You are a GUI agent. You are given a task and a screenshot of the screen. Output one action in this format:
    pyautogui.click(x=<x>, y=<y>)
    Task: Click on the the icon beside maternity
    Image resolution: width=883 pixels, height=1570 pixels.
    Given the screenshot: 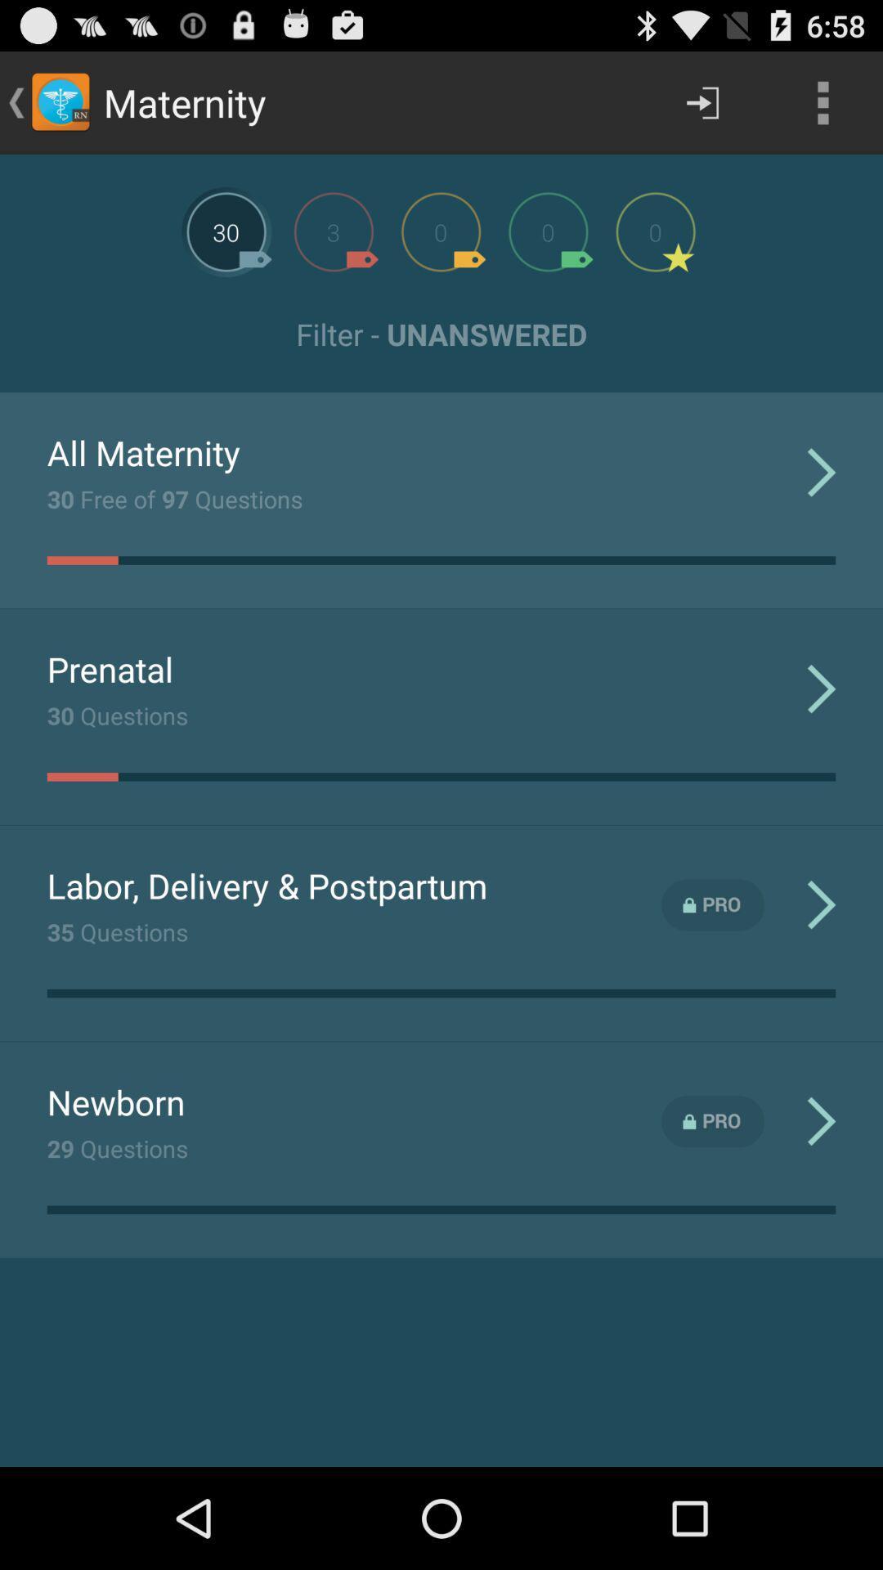 What is the action you would take?
    pyautogui.click(x=59, y=101)
    